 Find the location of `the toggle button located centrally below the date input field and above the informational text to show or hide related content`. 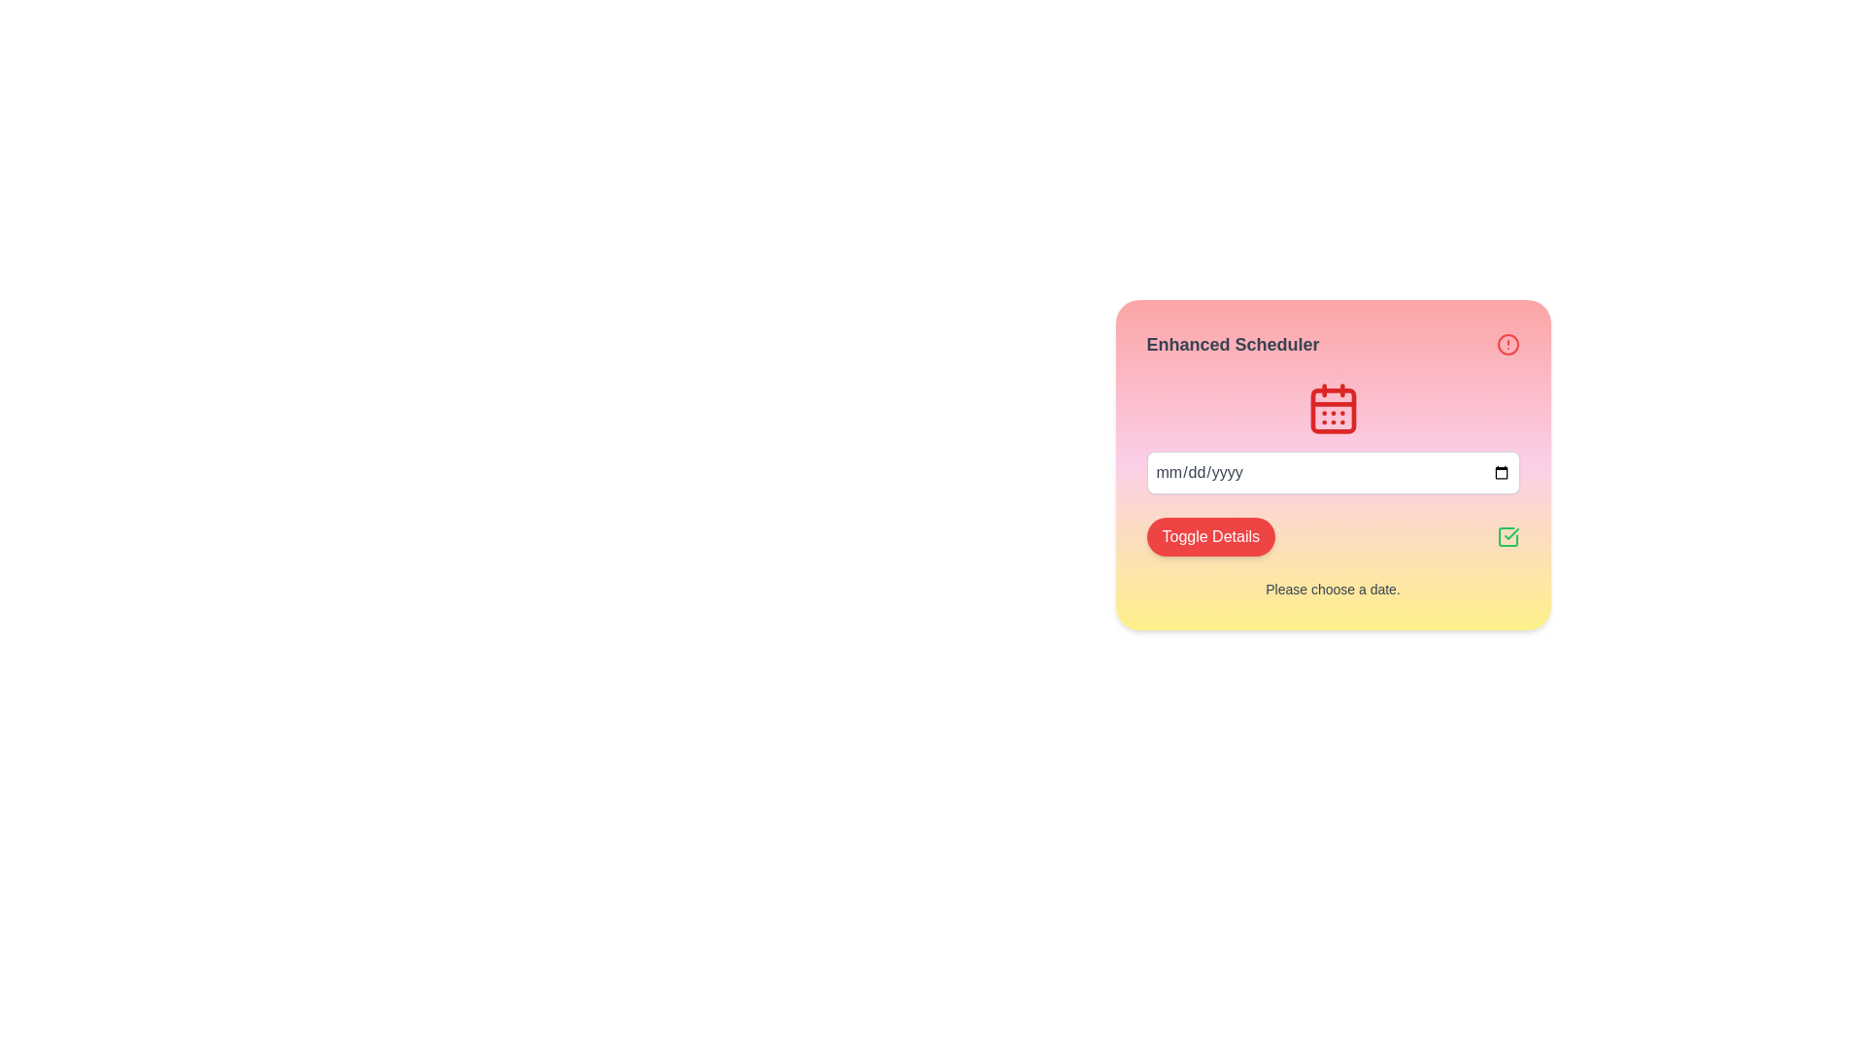

the toggle button located centrally below the date input field and above the informational text to show or hide related content is located at coordinates (1209, 536).